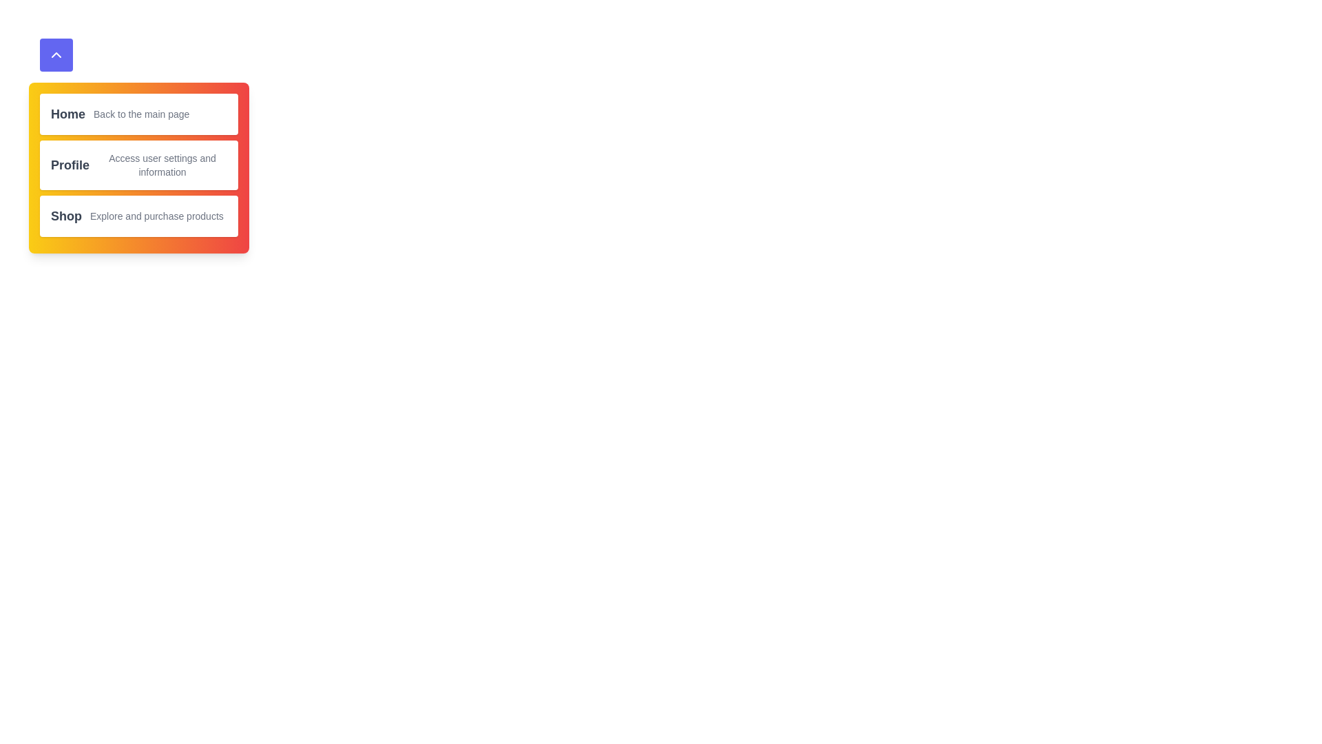 The height and width of the screenshot is (744, 1322). I want to click on the menu item labeled Home, so click(138, 113).